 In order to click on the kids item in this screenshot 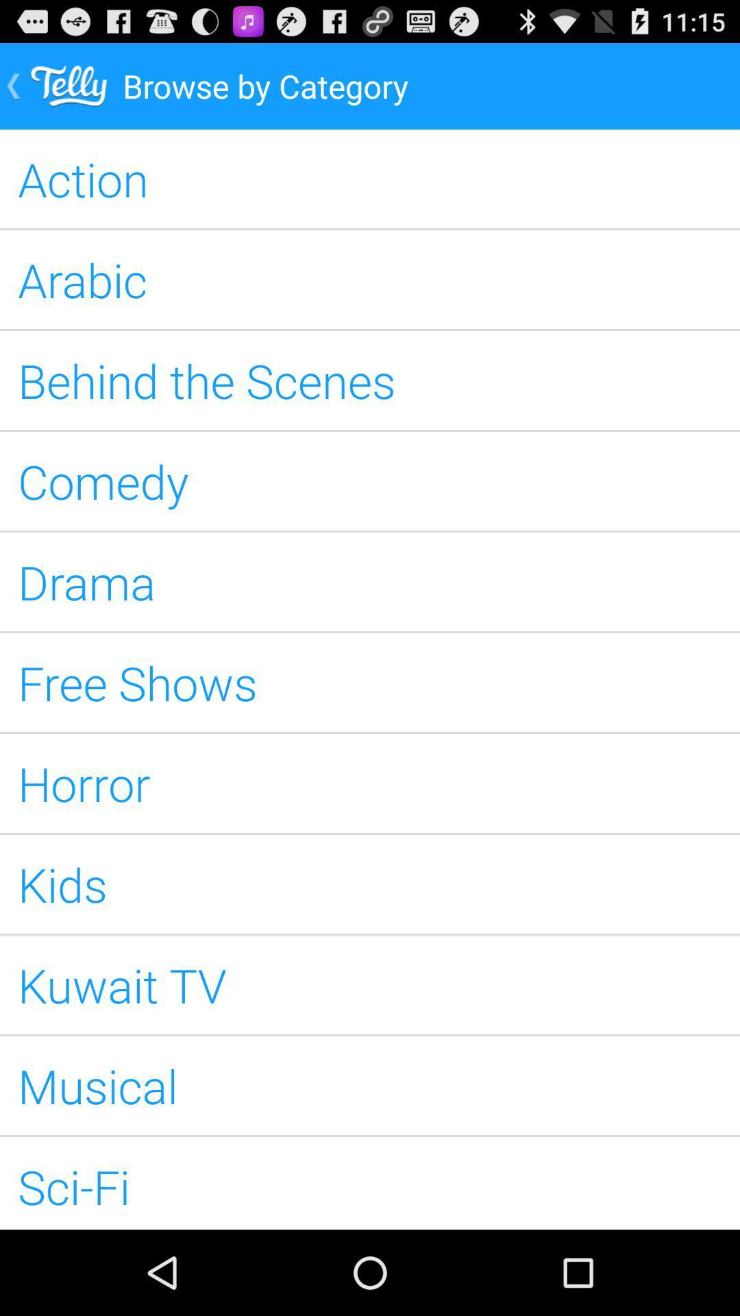, I will do `click(370, 884)`.